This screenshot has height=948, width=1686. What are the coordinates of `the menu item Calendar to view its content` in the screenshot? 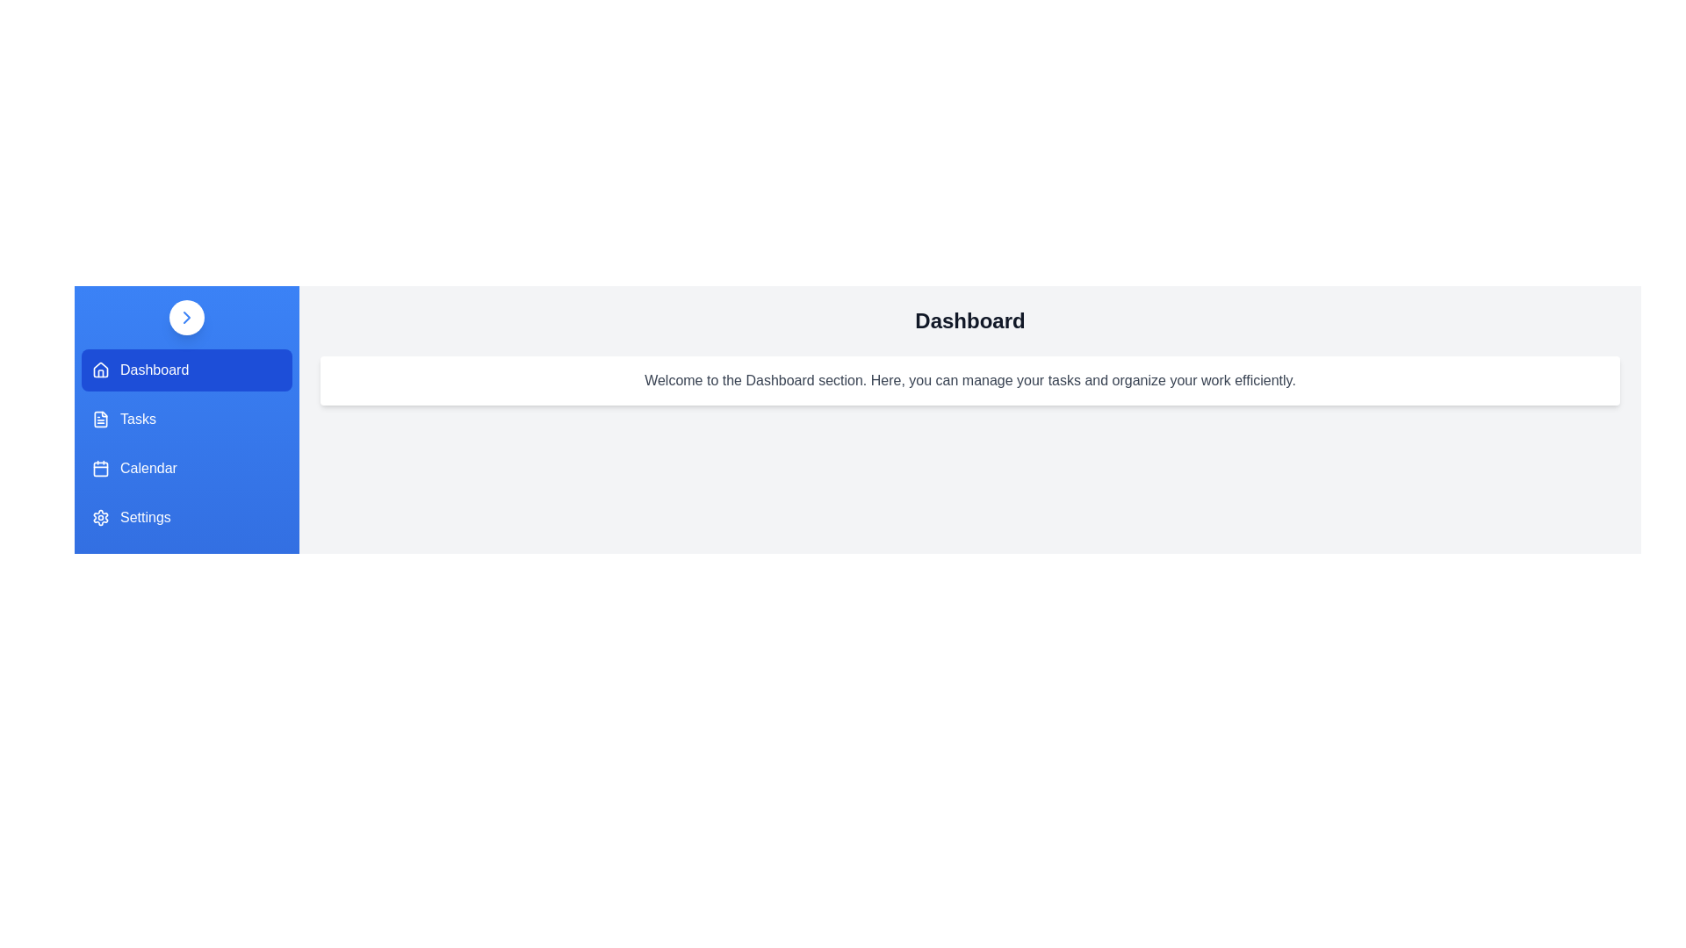 It's located at (186, 467).